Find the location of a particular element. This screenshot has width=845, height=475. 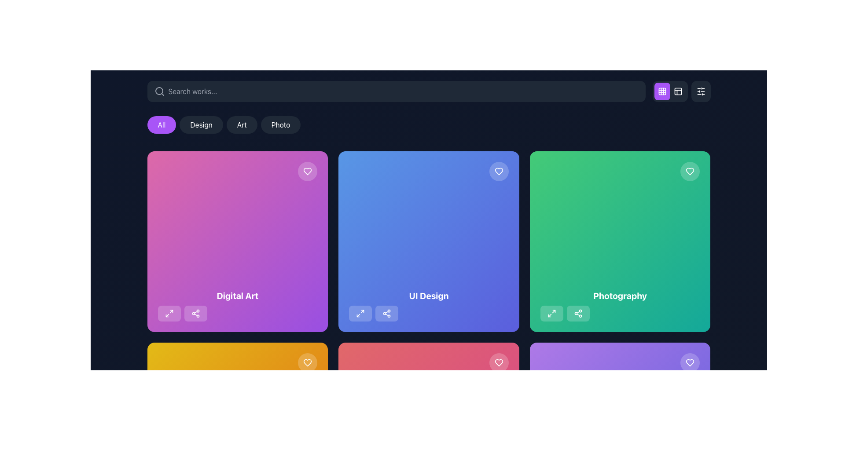

the heart-shaped icon in the top-right corner of the Photography card to trigger interactive effects is located at coordinates (690, 171).